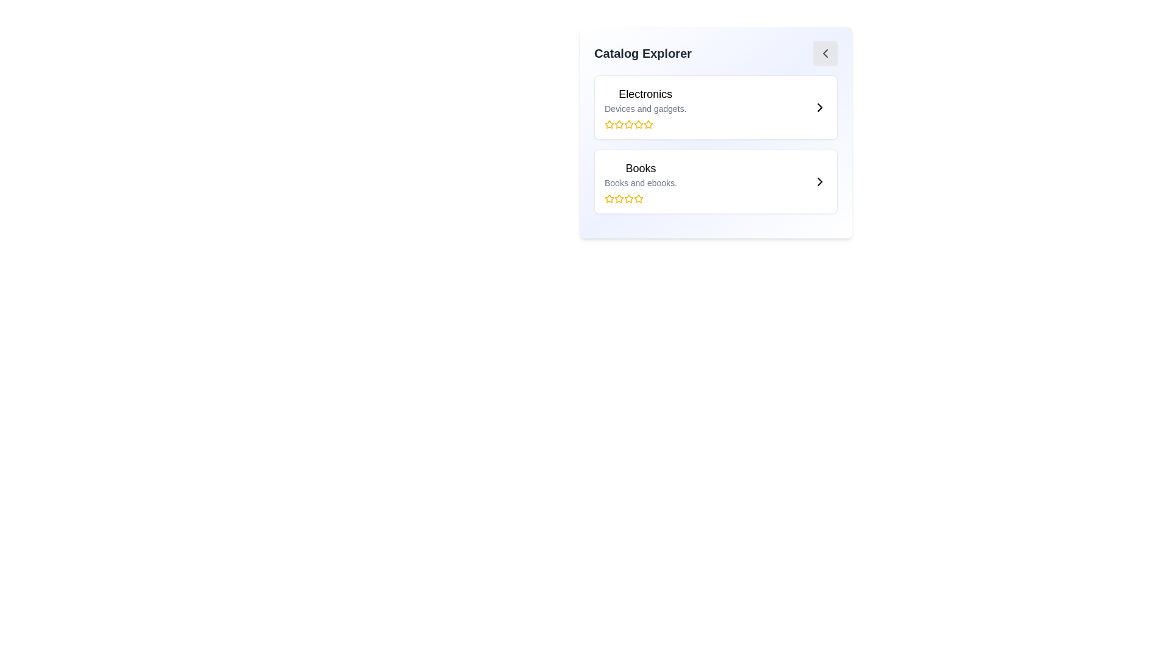 This screenshot has height=657, width=1168. I want to click on the fourth star-shaped rating icon with a hollow interior and yellow outline under the 'Electronics' category, so click(638, 124).